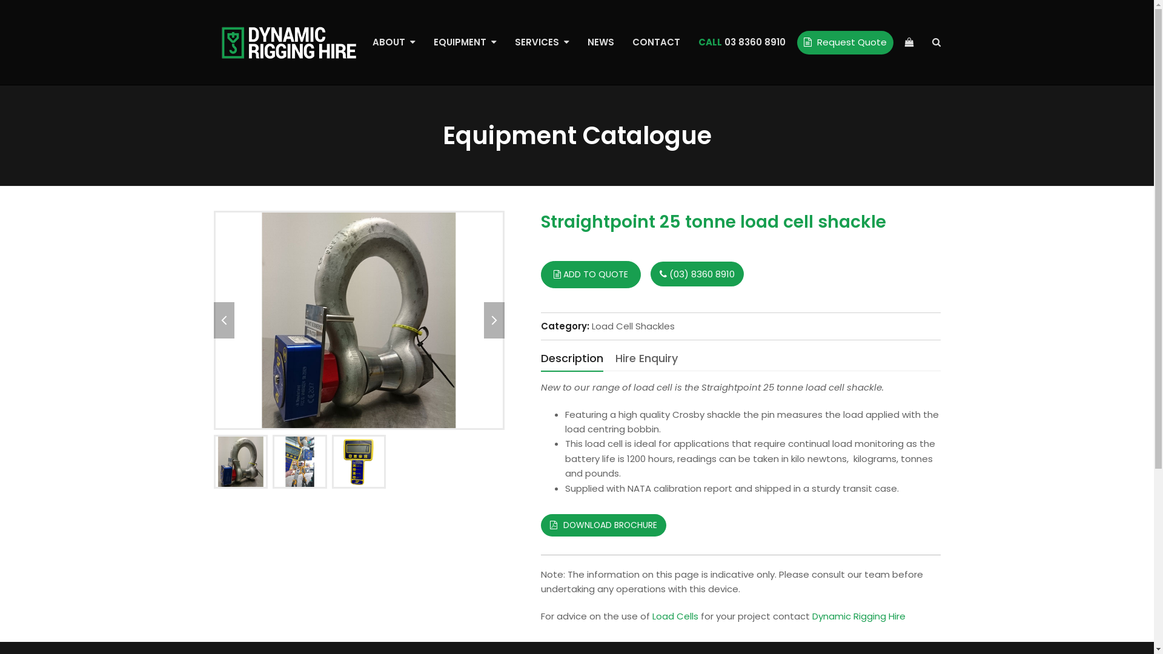 Image resolution: width=1163 pixels, height=654 pixels. What do you see at coordinates (591, 325) in the screenshot?
I see `'Load Cell Shackles'` at bounding box center [591, 325].